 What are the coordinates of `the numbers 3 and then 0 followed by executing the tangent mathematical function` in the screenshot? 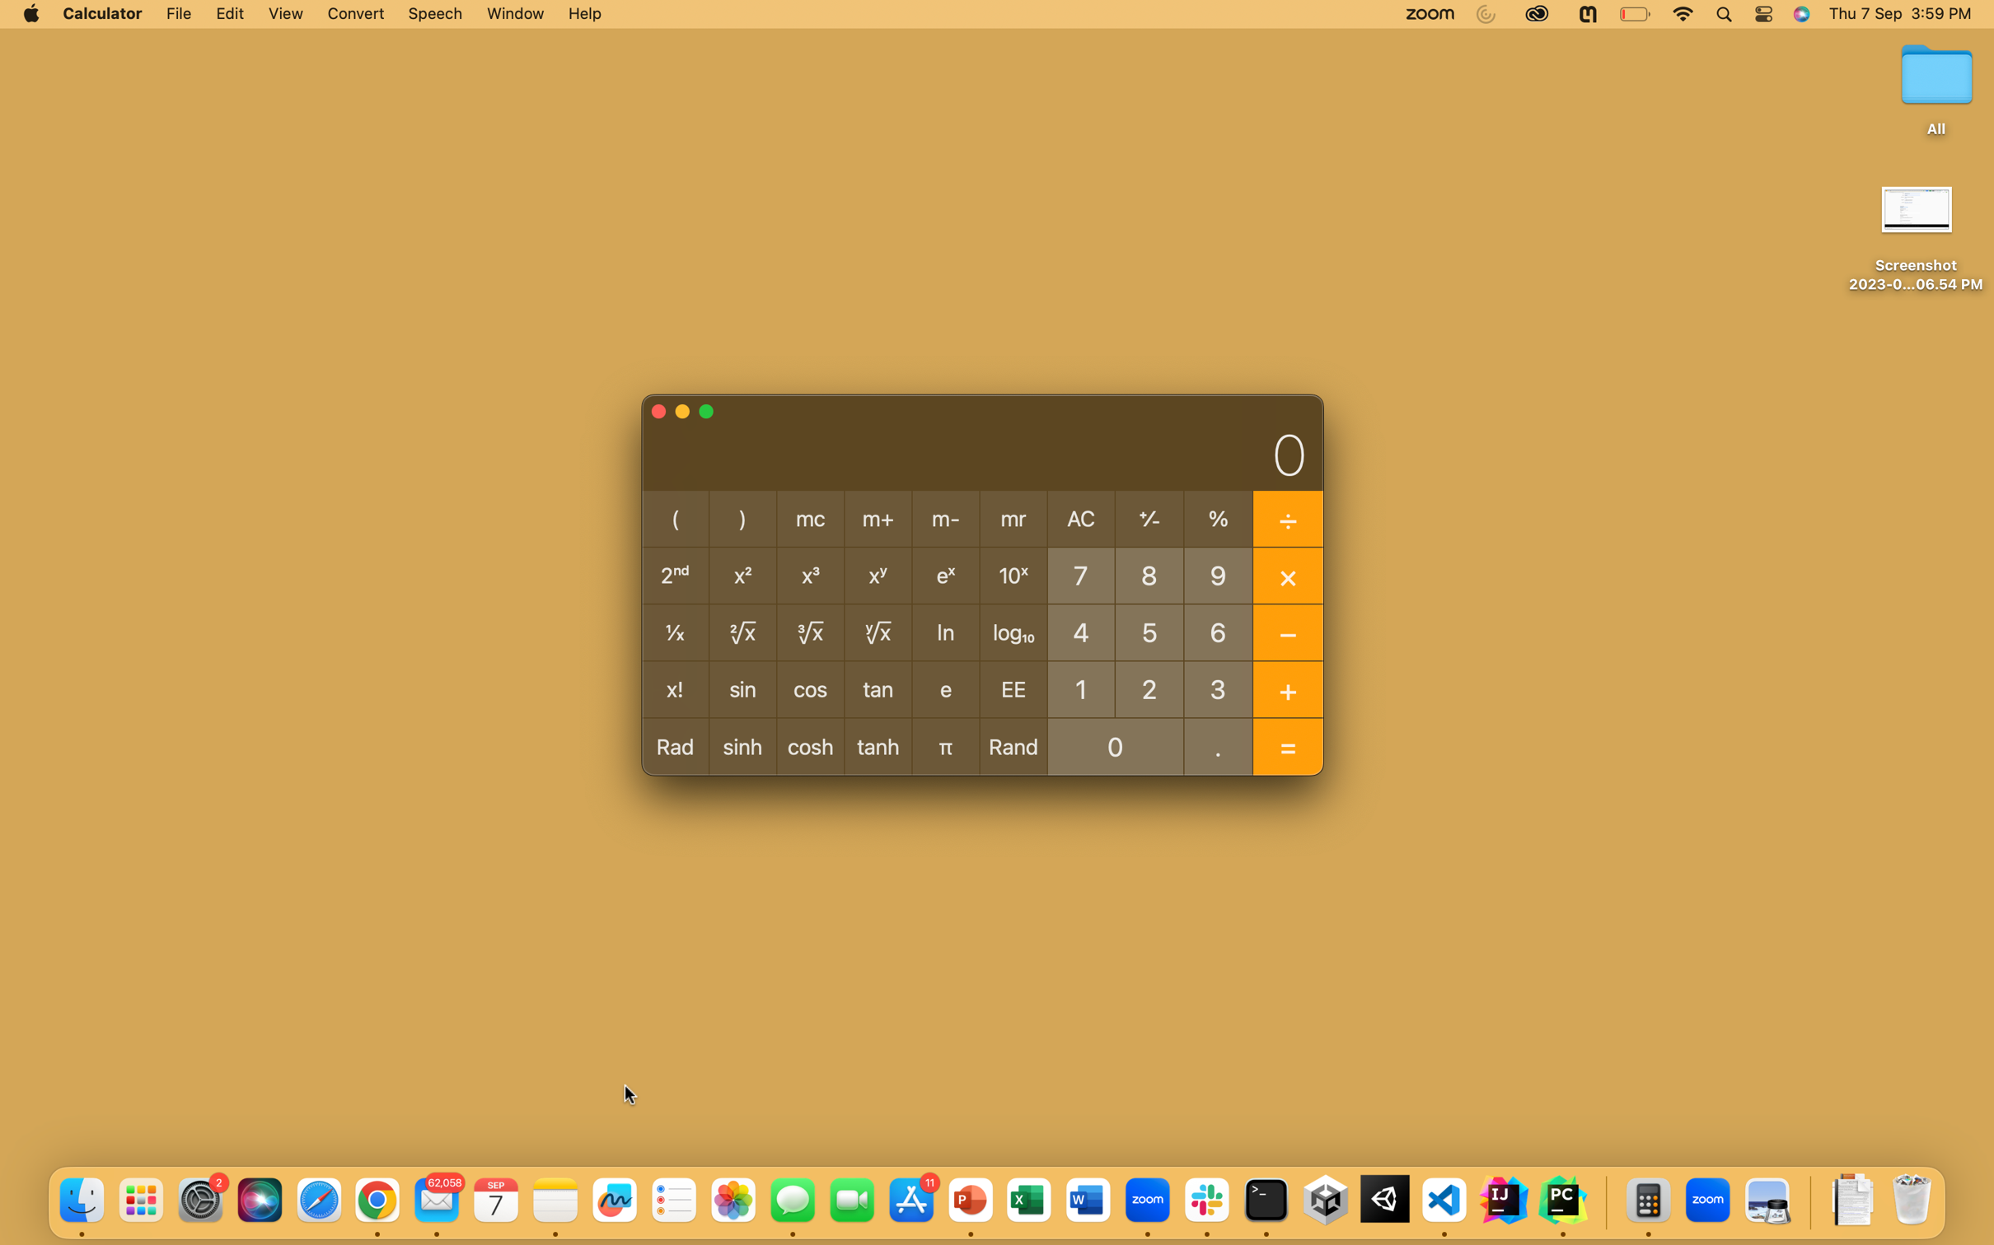 It's located at (1219, 688).